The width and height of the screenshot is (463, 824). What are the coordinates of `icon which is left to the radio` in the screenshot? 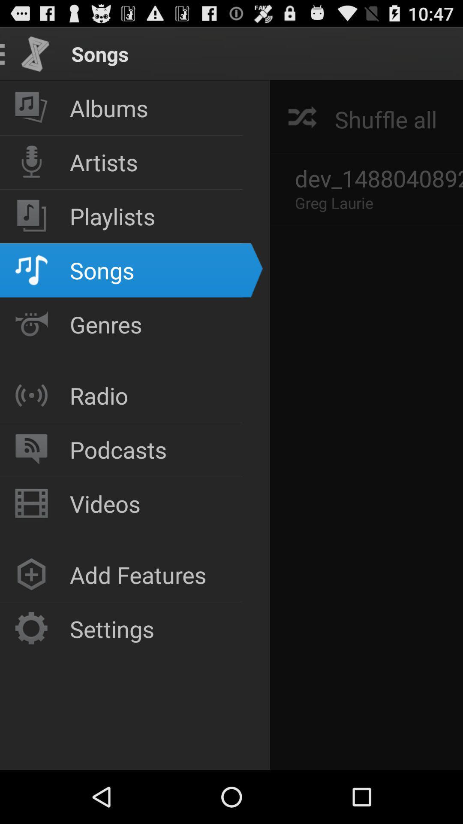 It's located at (31, 395).